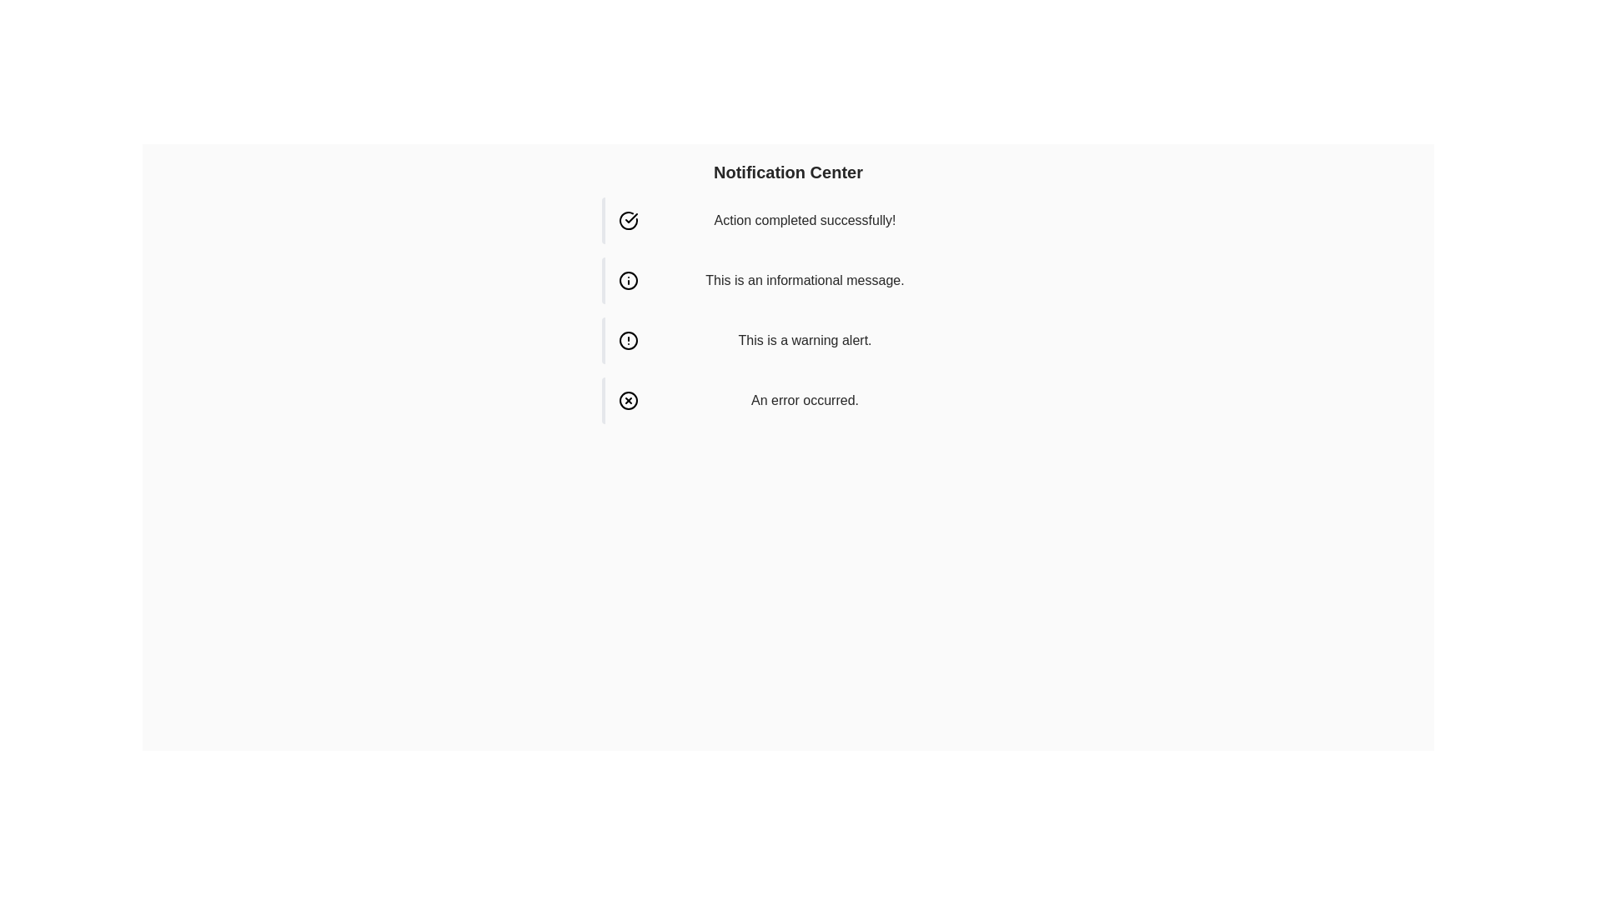 This screenshot has height=900, width=1601. Describe the element at coordinates (805, 279) in the screenshot. I see `the text element displaying 'This is an informational message.' located in the notification message row of the Notification Center` at that location.